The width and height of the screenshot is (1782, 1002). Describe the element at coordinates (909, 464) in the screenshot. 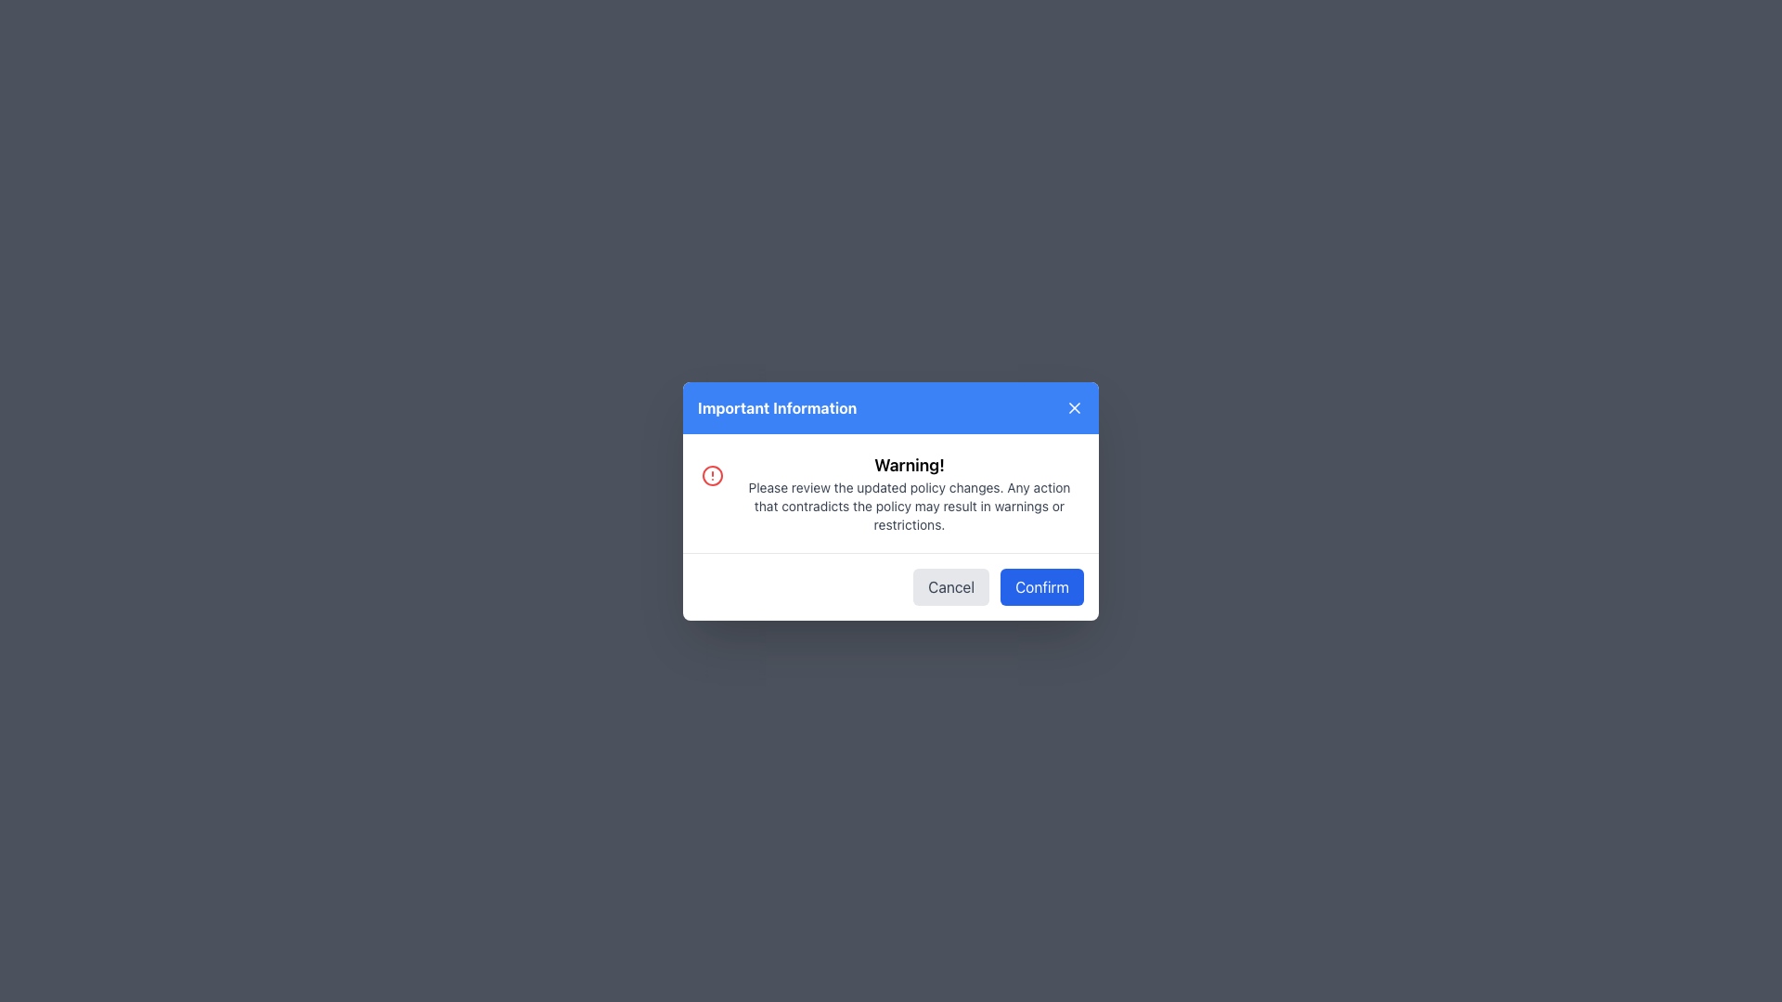

I see `the 'Warning!' text label, which is prominently displayed in bold black font at the top-center of the modal popup` at that location.